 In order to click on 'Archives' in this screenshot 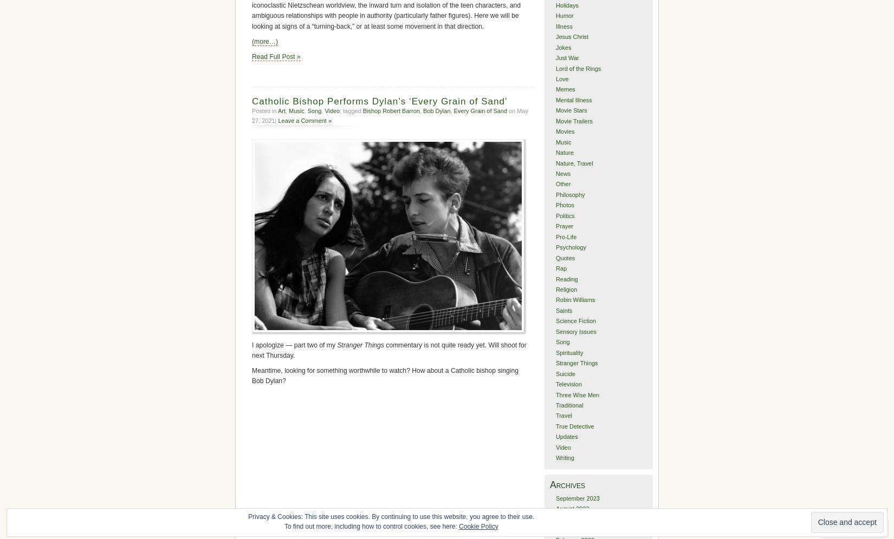, I will do `click(567, 484)`.